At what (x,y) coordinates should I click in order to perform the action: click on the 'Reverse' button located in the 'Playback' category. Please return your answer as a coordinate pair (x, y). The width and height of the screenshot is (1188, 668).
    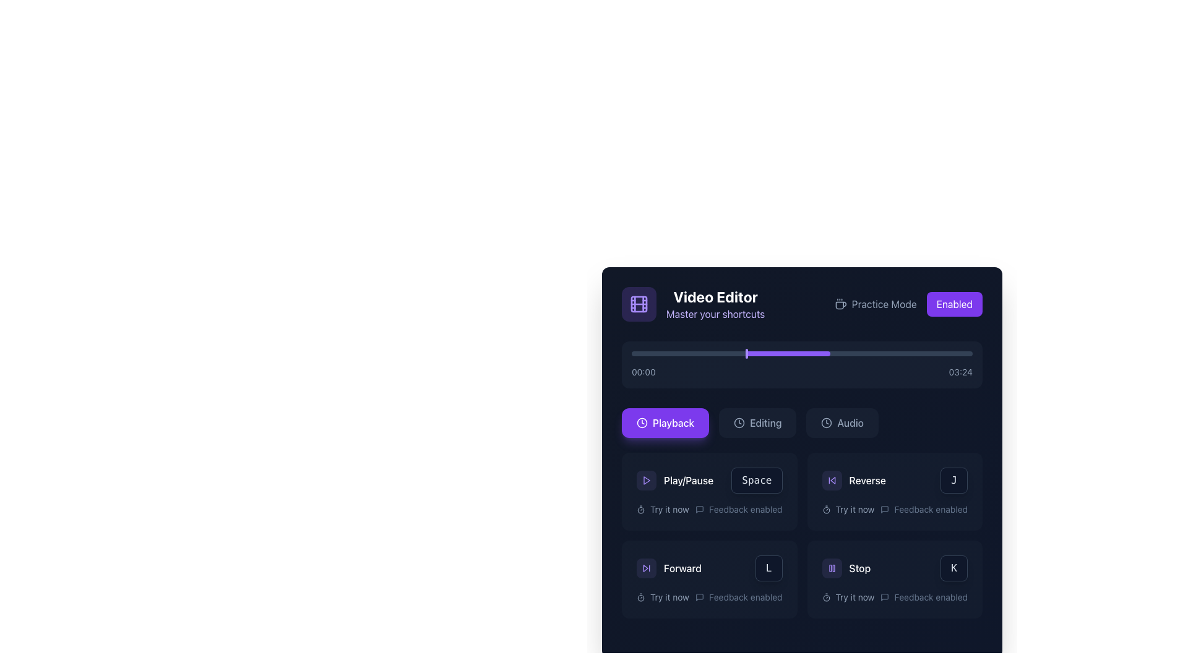
    Looking at the image, I should click on (832, 479).